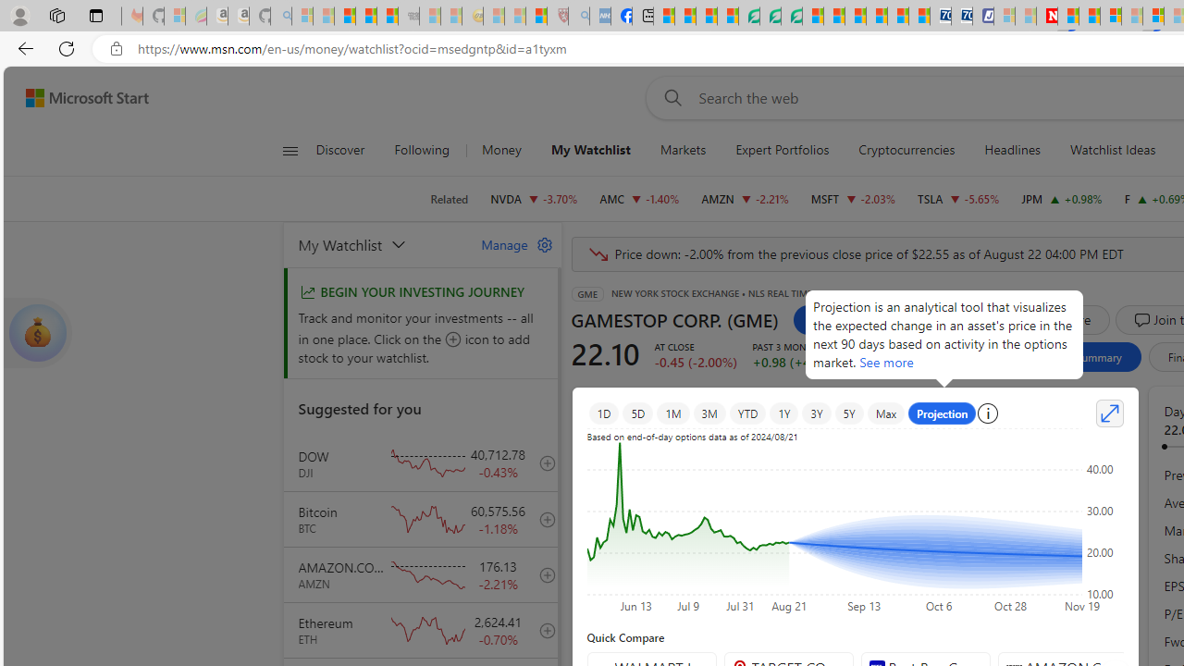 The width and height of the screenshot is (1184, 666). I want to click on '5D', so click(637, 413).